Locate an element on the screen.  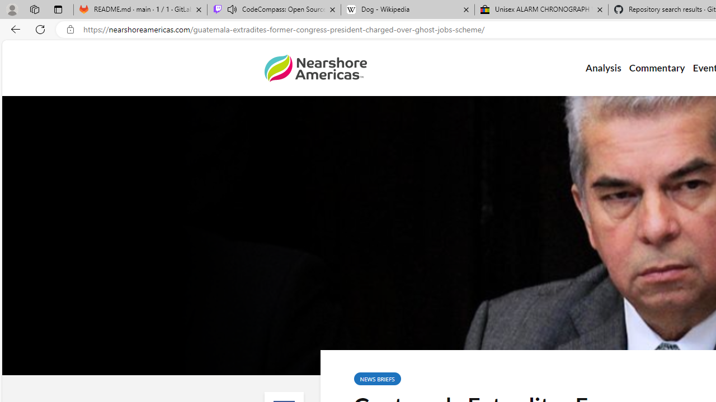
'Dog - Wikipedia' is located at coordinates (407, 9).